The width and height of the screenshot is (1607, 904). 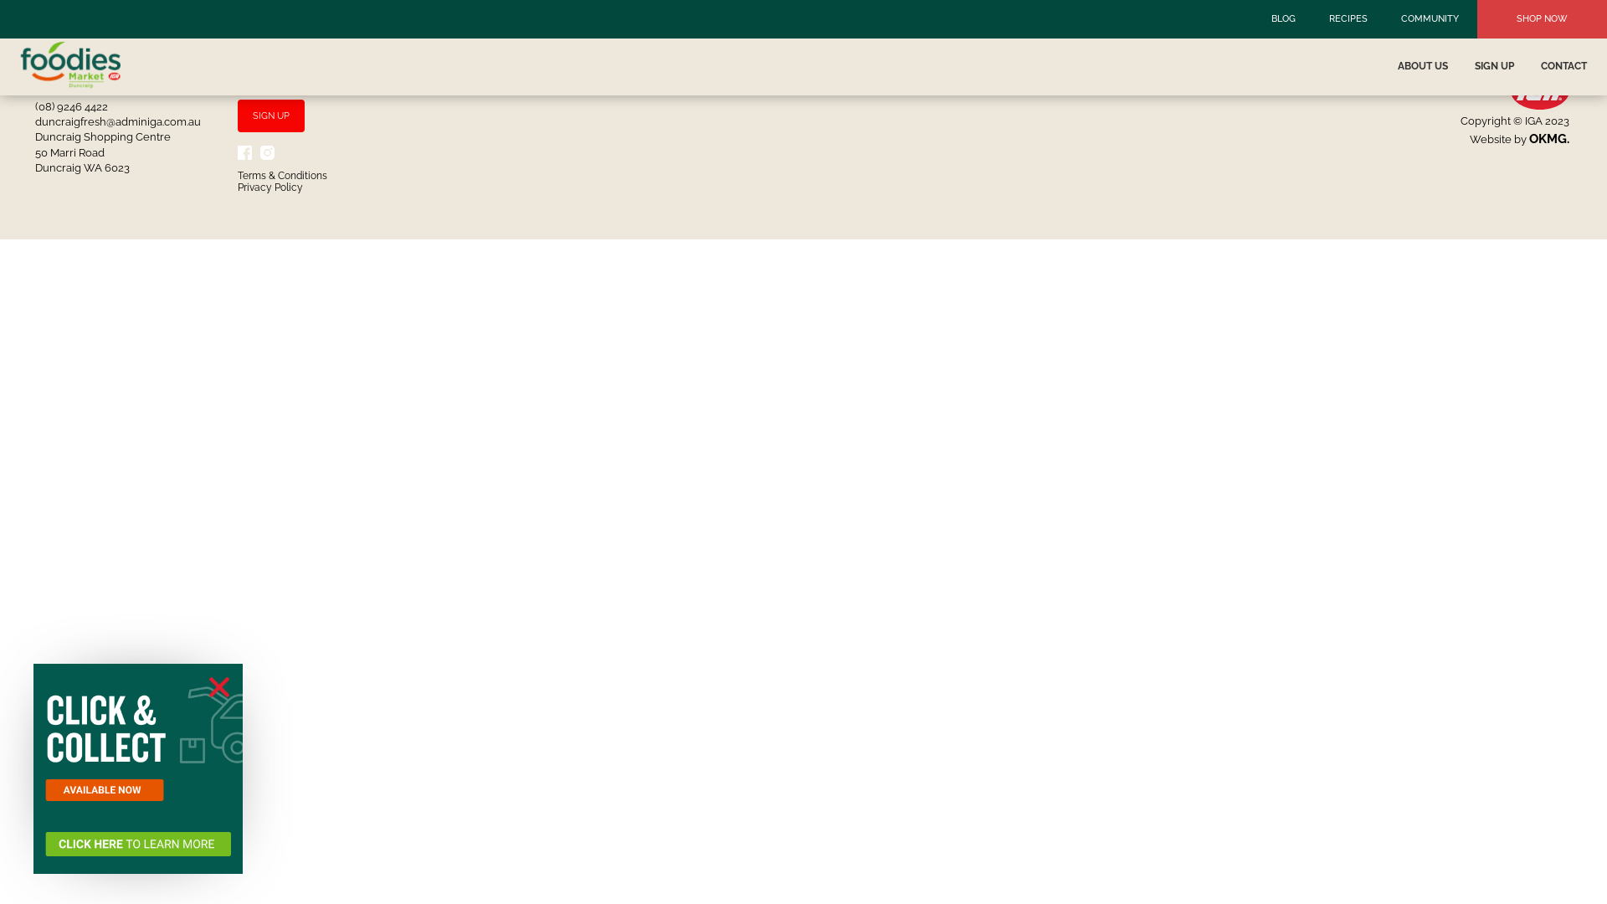 What do you see at coordinates (1563, 64) in the screenshot?
I see `'CONTACT'` at bounding box center [1563, 64].